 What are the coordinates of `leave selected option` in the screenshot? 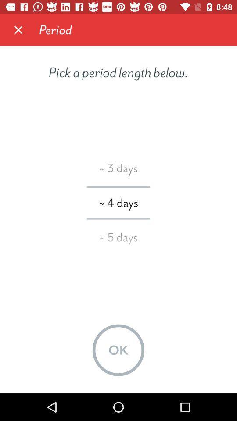 It's located at (18, 30).